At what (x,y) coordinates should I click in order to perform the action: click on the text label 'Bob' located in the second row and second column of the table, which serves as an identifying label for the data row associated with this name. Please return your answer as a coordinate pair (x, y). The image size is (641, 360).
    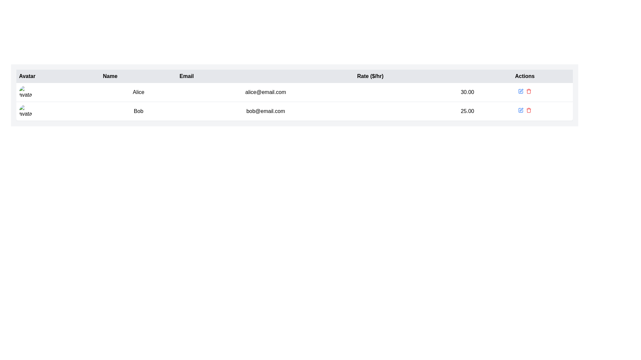
    Looking at the image, I should click on (138, 111).